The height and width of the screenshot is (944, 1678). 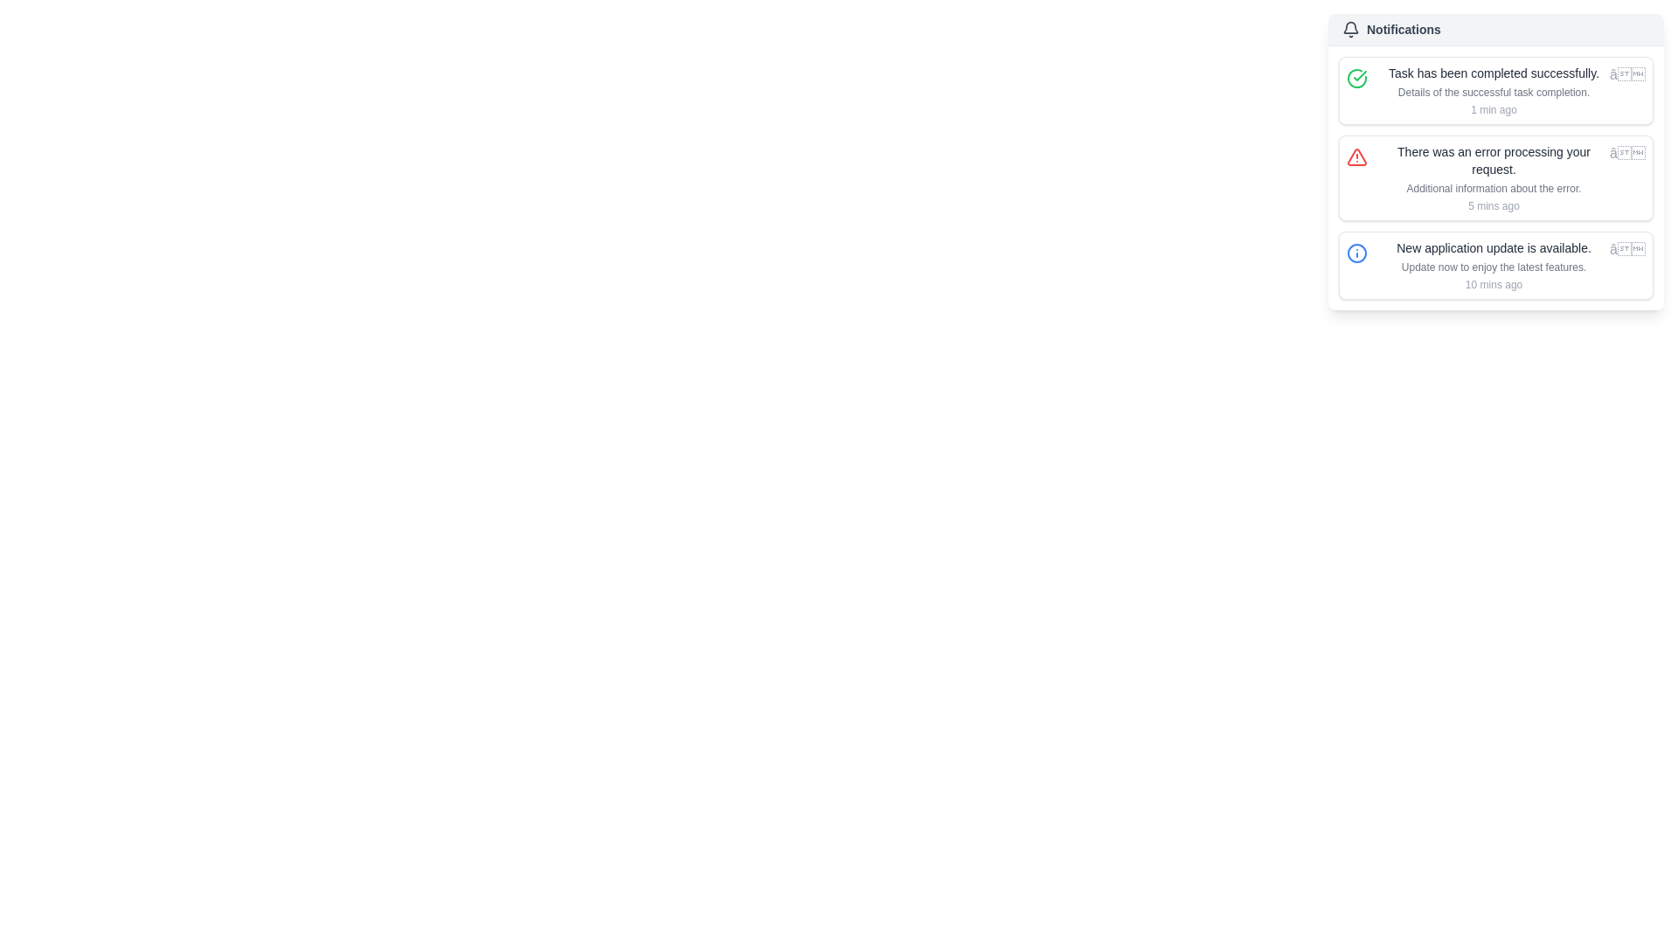 What do you see at coordinates (1495, 30) in the screenshot?
I see `the notification center header to focus or expand it` at bounding box center [1495, 30].